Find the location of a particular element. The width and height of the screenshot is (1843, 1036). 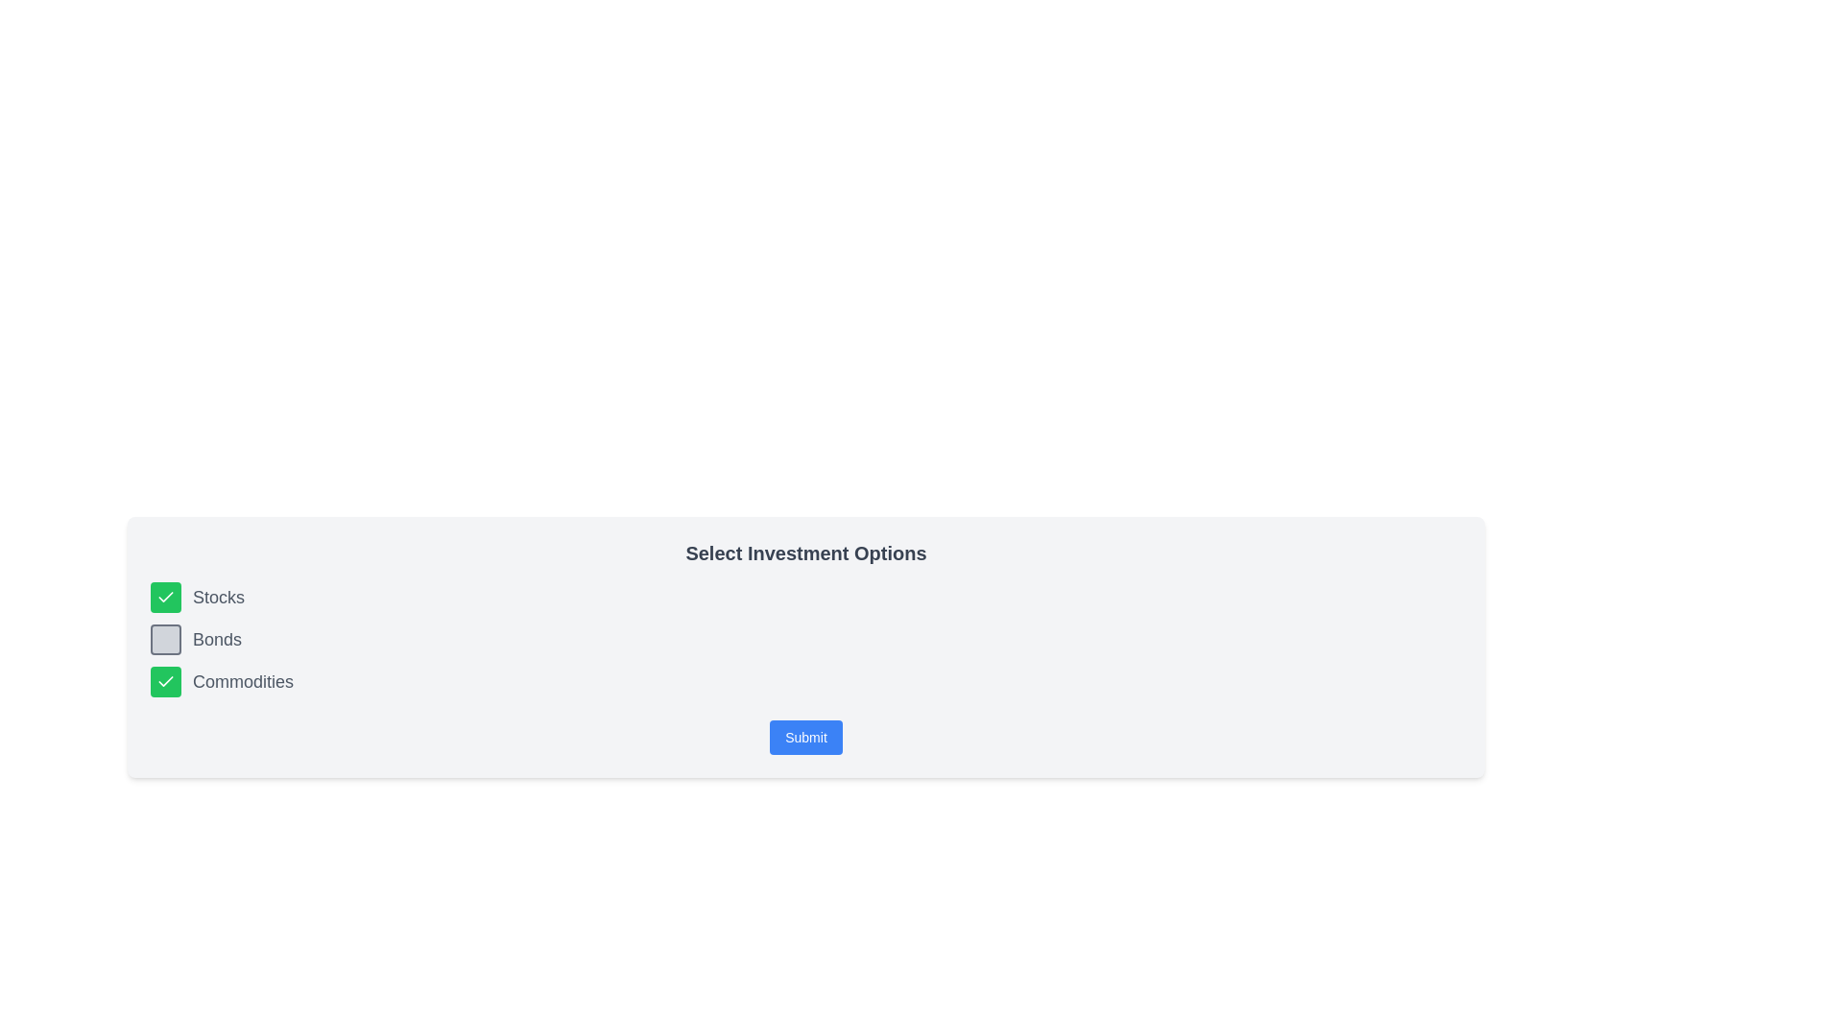

the checkmark icon styled in white on a green circular background, which indicates the selection state for 'Commodities' is located at coordinates (165, 680).